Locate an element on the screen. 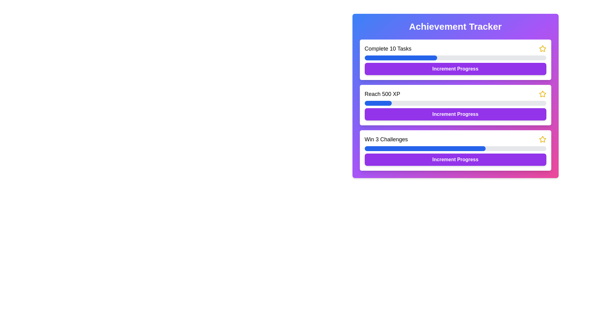  the star icon with a yellow outline, which is located on the far-right side of the 'Complete 10 Tasks' section is located at coordinates (542, 48).